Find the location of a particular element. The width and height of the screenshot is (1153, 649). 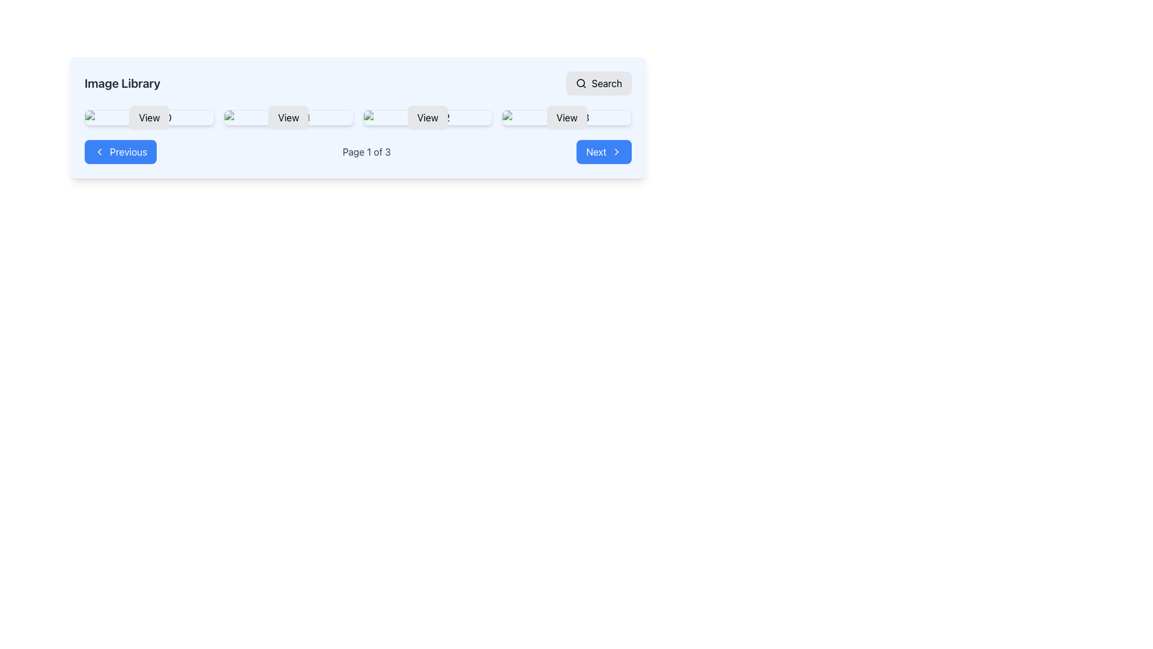

the right-pointing arrow icon, which is styled as a lightweight vector graphic with a white stroke against a blue background, located at the far-right end of the 'Next' button in the bottom-right corner of the main interface is located at coordinates (617, 151).